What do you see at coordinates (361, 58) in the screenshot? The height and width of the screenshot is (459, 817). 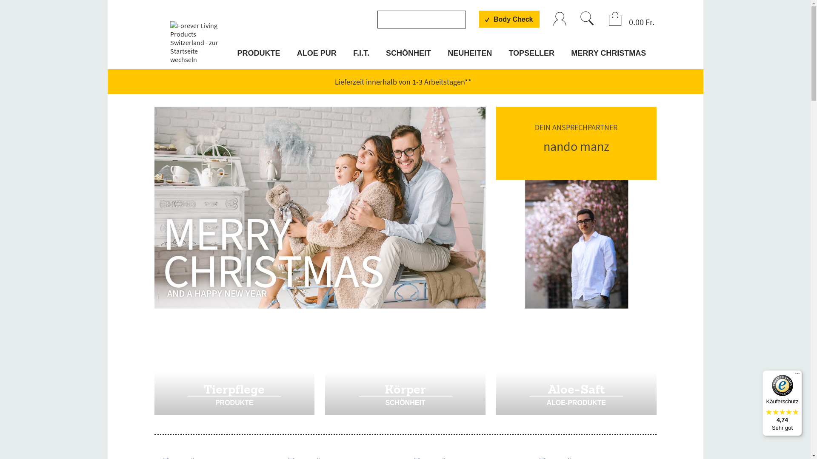 I see `'F.I.T.'` at bounding box center [361, 58].